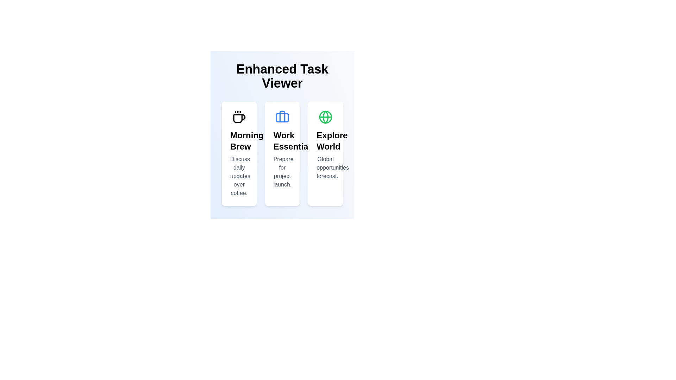 Image resolution: width=676 pixels, height=380 pixels. I want to click on the coffee cup icon representing 'Morning Brew' located at the top of the first card in a row of three cards, so click(239, 116).